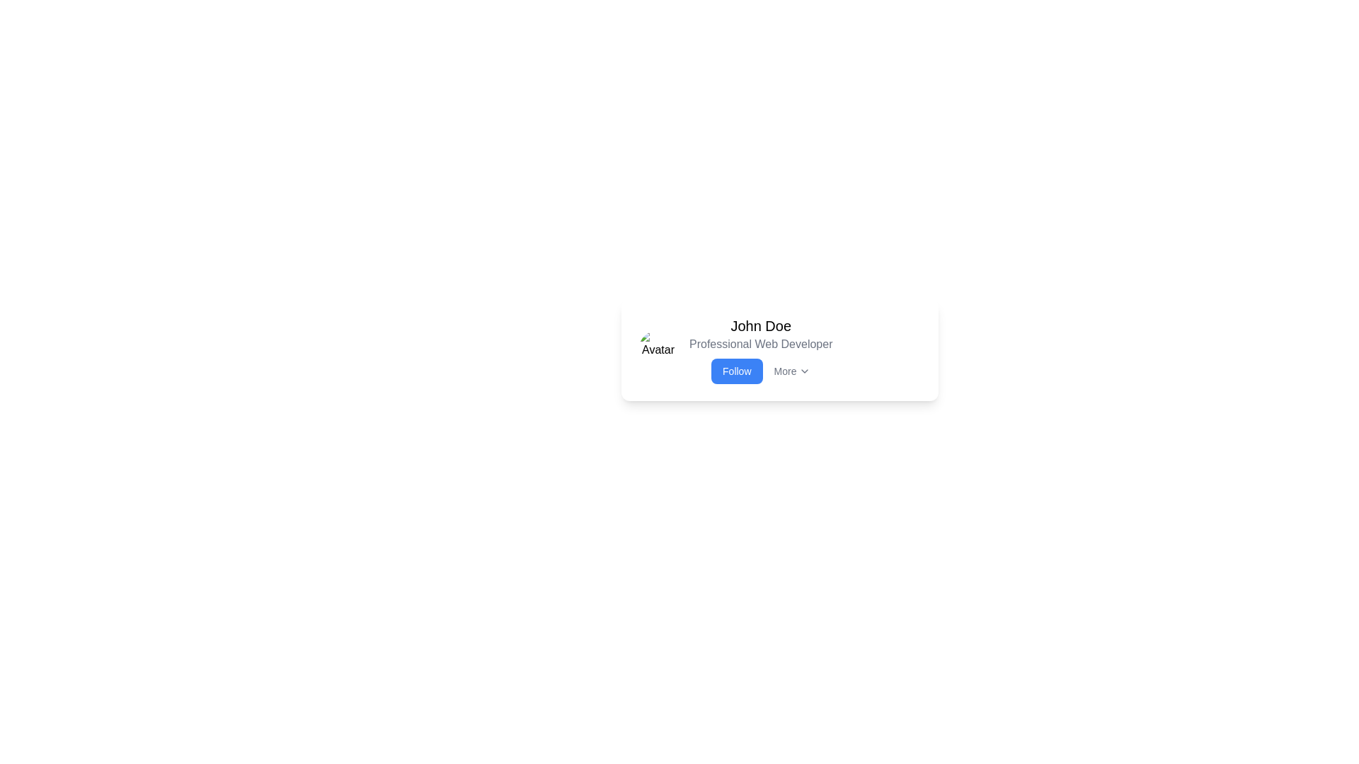 This screenshot has width=1359, height=764. What do you see at coordinates (805, 370) in the screenshot?
I see `the small downward arrow icon resembling a chevron pointing downwards, located immediately to the right of the 'More' text label` at bounding box center [805, 370].